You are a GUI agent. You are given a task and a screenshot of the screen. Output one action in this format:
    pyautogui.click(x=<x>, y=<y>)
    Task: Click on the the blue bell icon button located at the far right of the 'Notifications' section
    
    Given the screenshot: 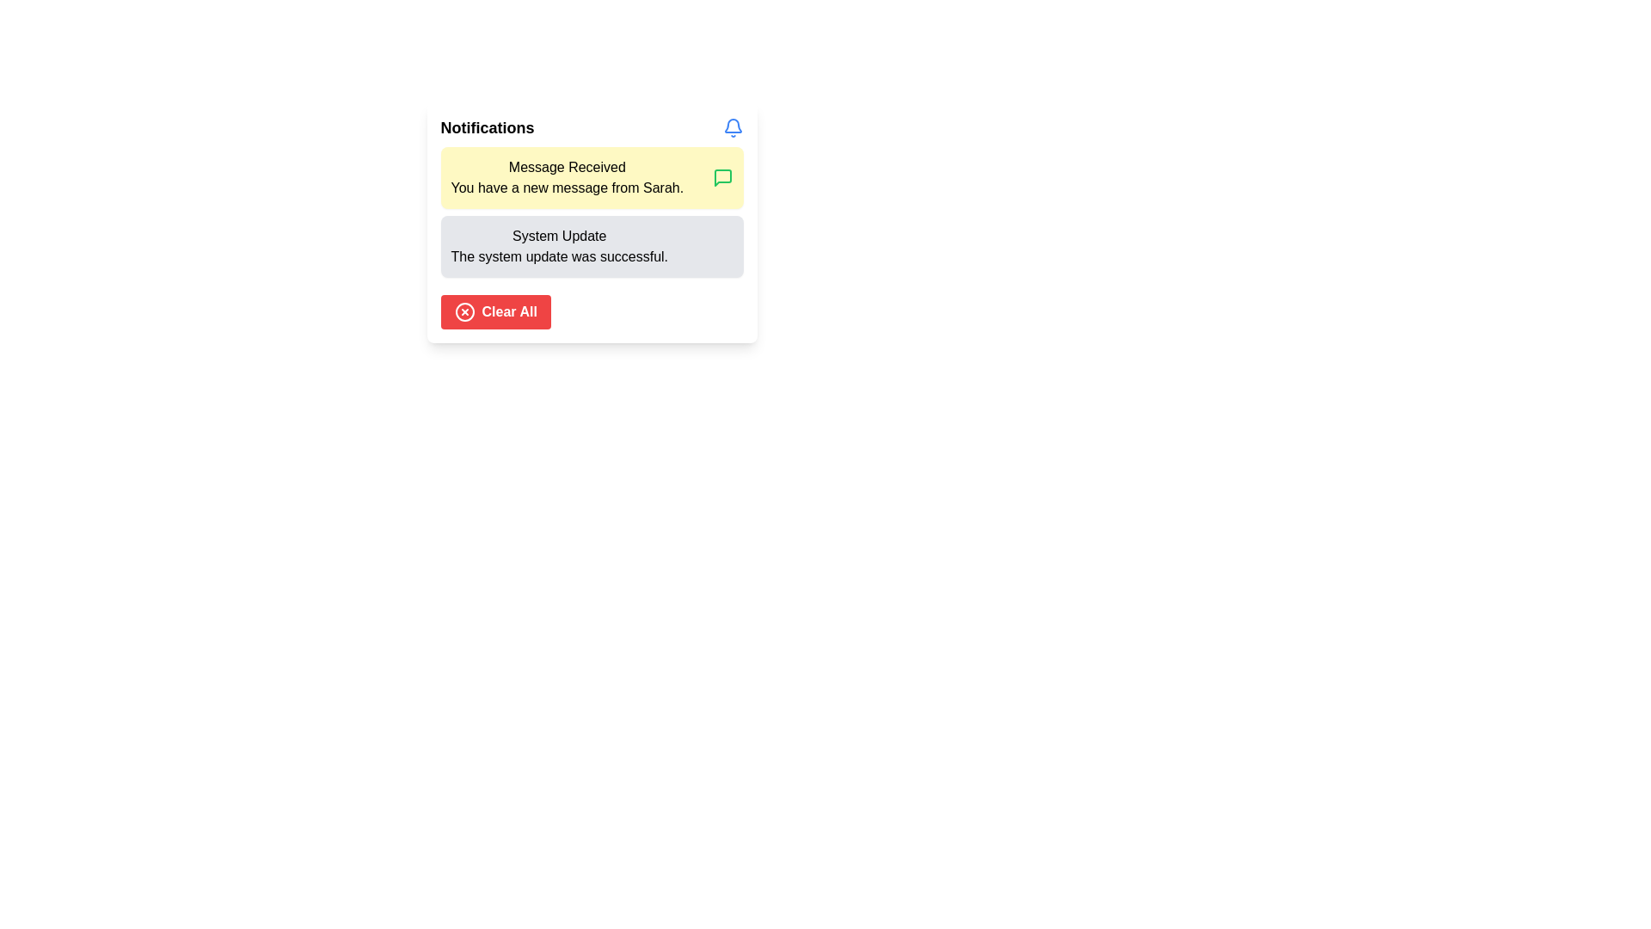 What is the action you would take?
    pyautogui.click(x=733, y=127)
    